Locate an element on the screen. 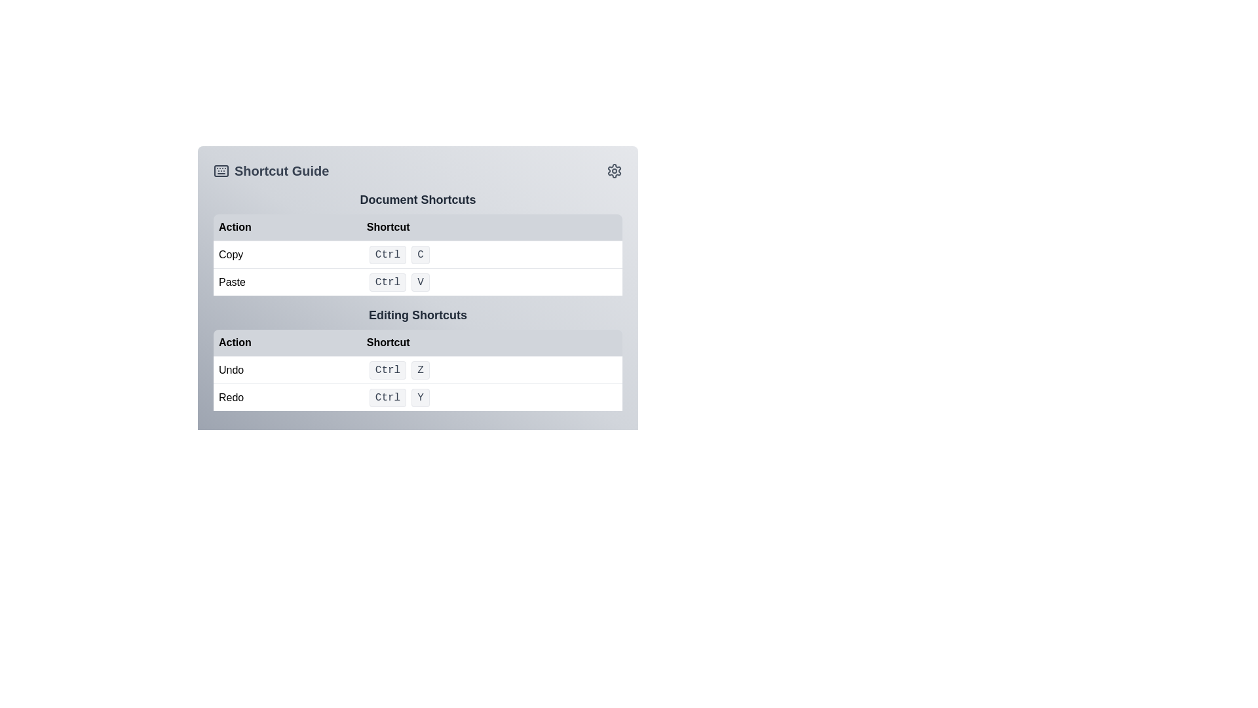 This screenshot has height=708, width=1258. the static label representing the 'Y' key in the keyboard shortcut combination for 'Redo' located in the 'Editing Shortcuts' section is located at coordinates (421, 397).